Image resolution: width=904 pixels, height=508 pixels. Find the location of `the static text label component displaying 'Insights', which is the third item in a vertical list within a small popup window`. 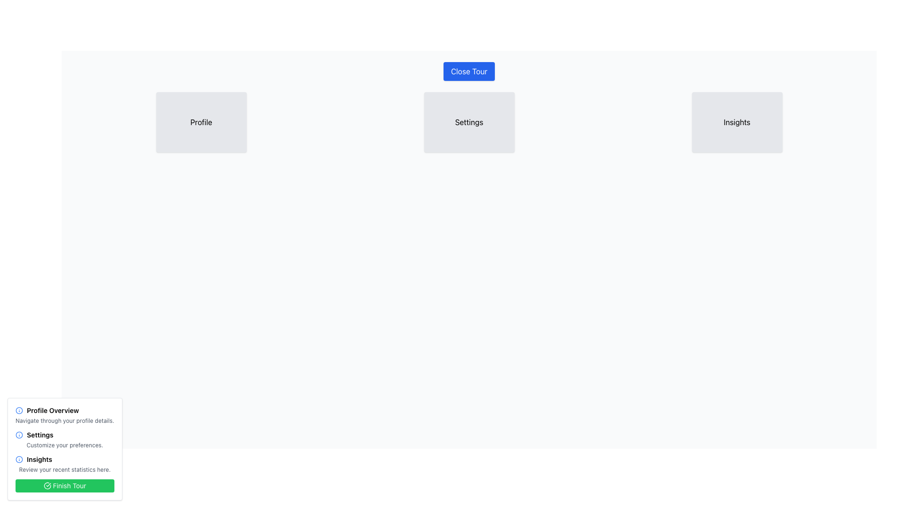

the static text label component displaying 'Insights', which is the third item in a vertical list within a small popup window is located at coordinates (39, 459).